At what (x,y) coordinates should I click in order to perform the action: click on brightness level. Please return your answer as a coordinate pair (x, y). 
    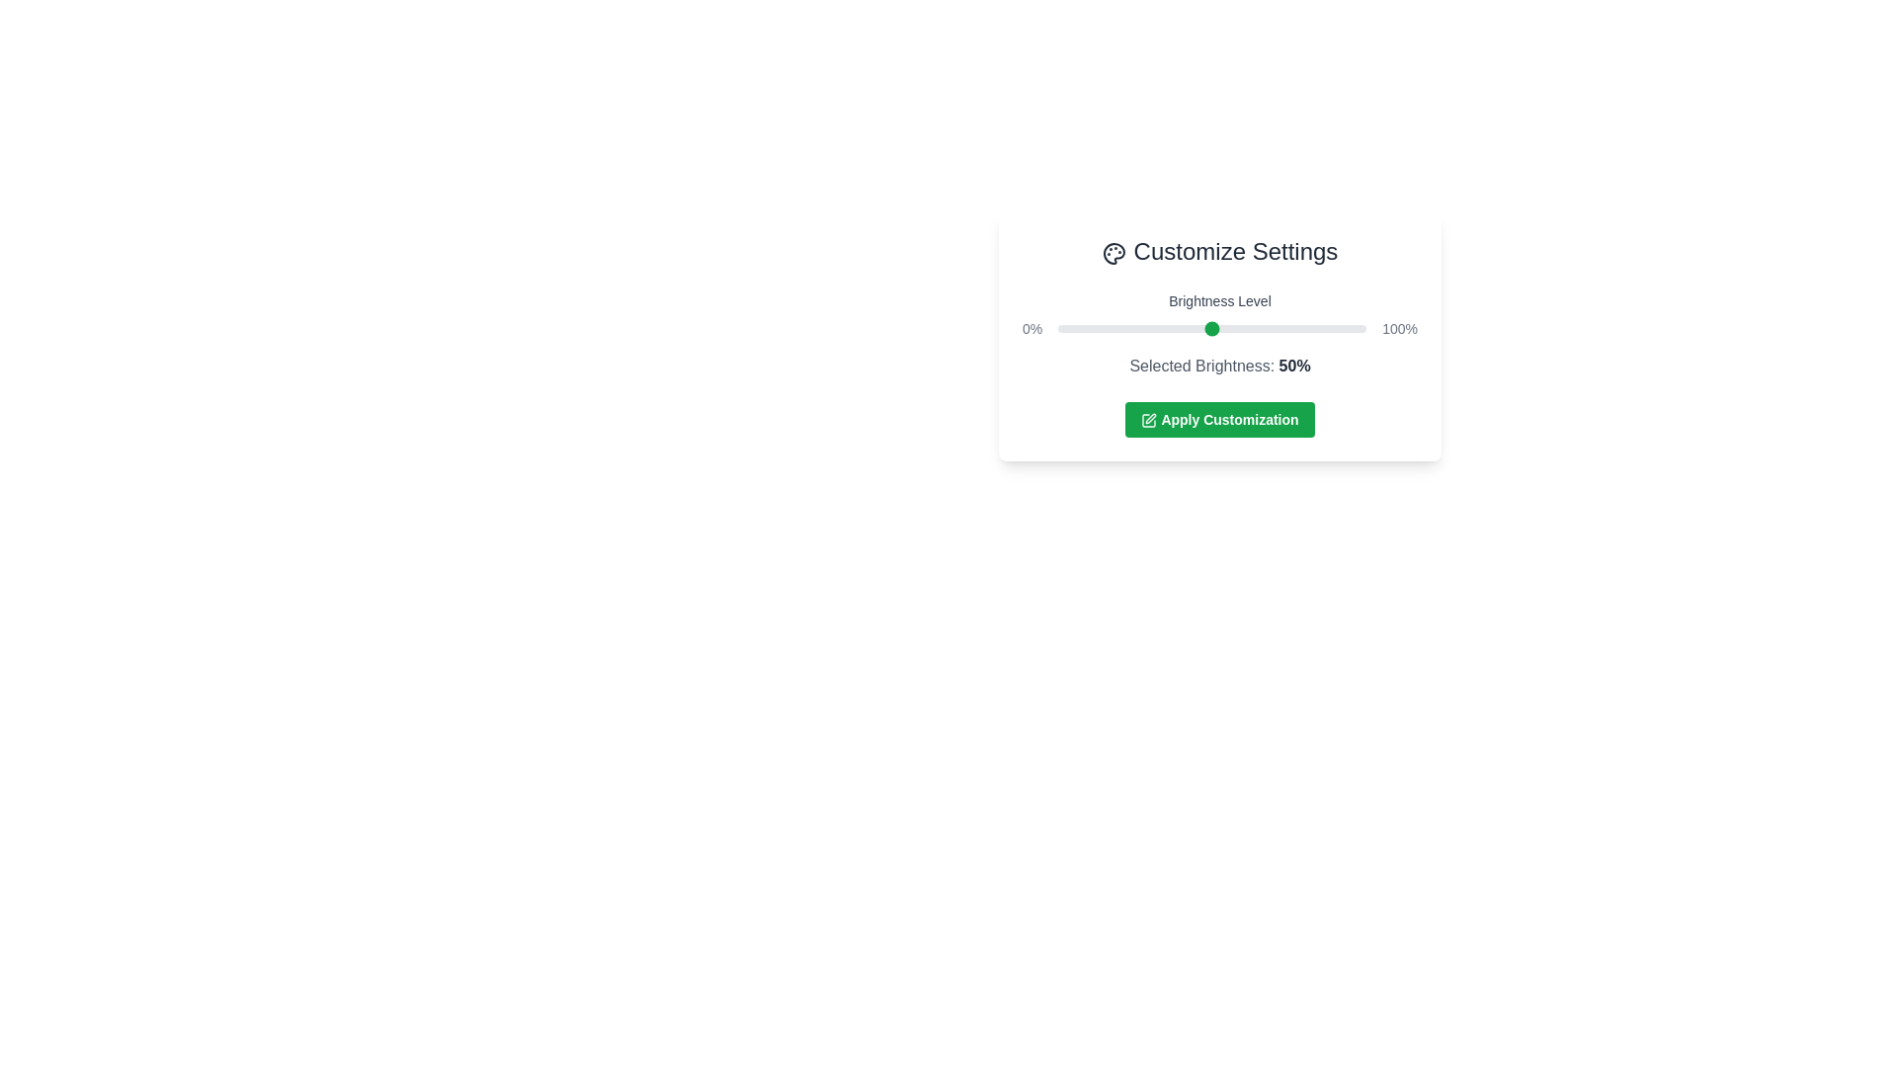
    Looking at the image, I should click on (1332, 327).